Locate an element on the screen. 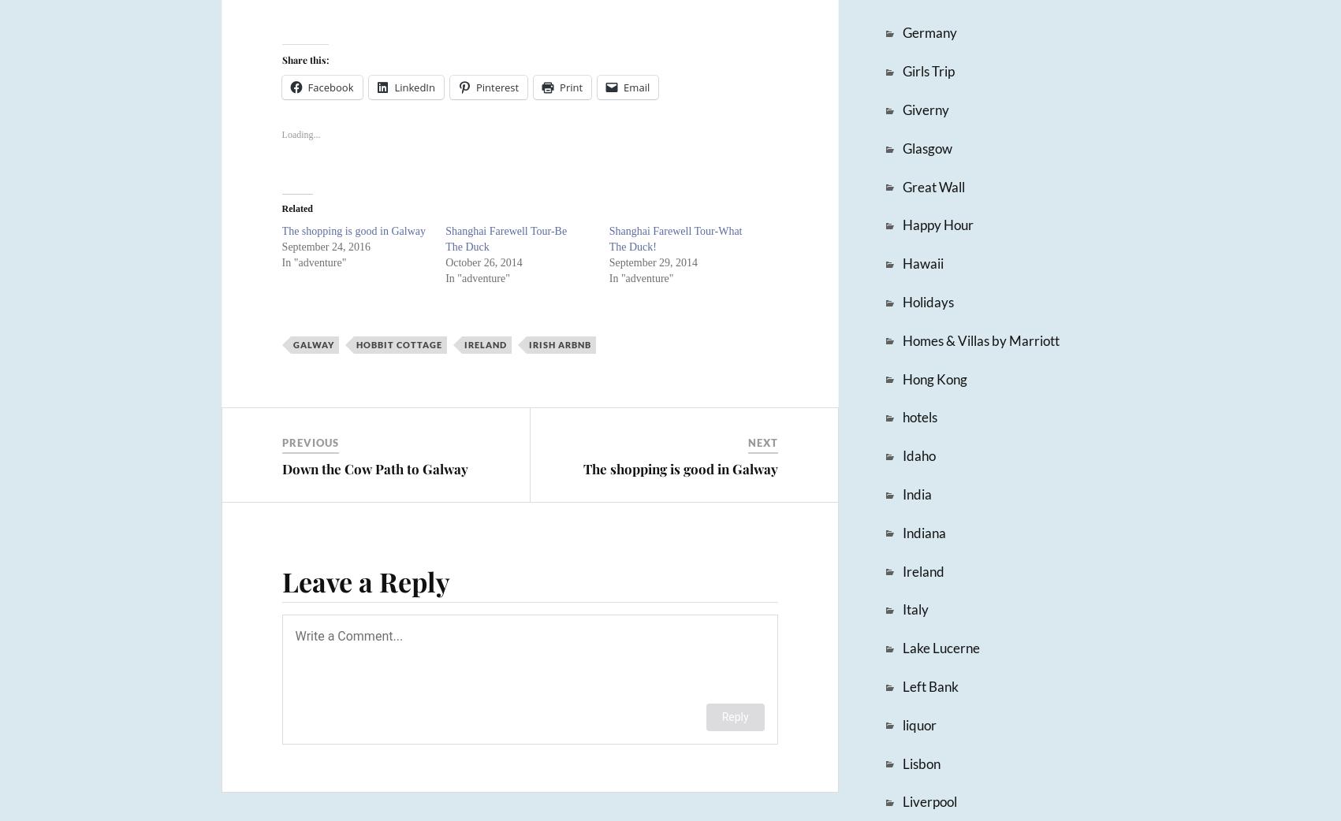  'Hong Kong' is located at coordinates (933, 378).